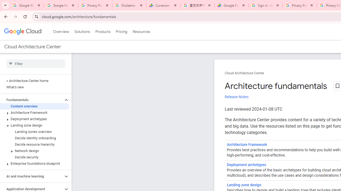 The image size is (341, 191). Describe the element at coordinates (246, 164) in the screenshot. I see `'Deployment archetypes'` at that location.